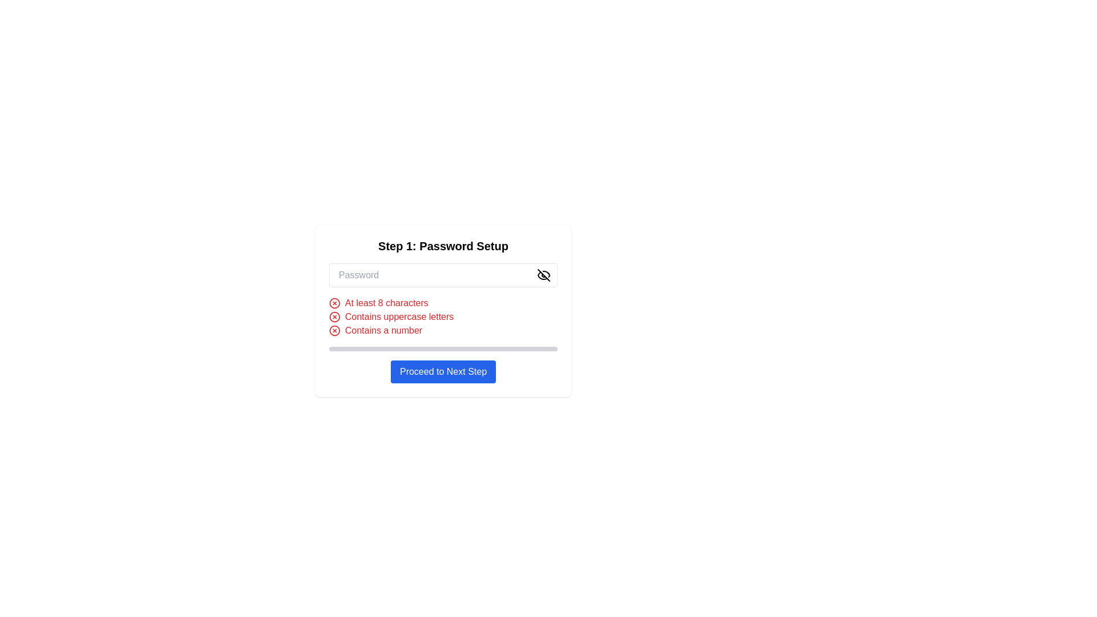  Describe the element at coordinates (334, 317) in the screenshot. I see `the password validation icon indicating that the password does not meet the criteria for containing uppercase letters, which is the first icon in the group next to the text 'Contains uppercase letters'` at that location.